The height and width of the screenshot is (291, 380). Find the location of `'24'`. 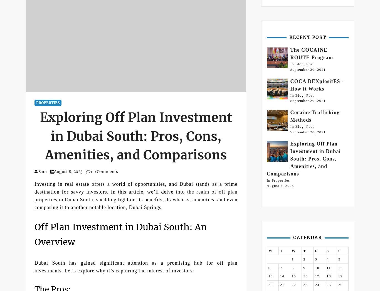

'24' is located at coordinates (315, 284).